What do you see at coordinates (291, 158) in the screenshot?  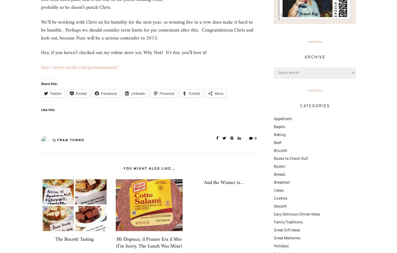 I see `'Books to Check Out!'` at bounding box center [291, 158].